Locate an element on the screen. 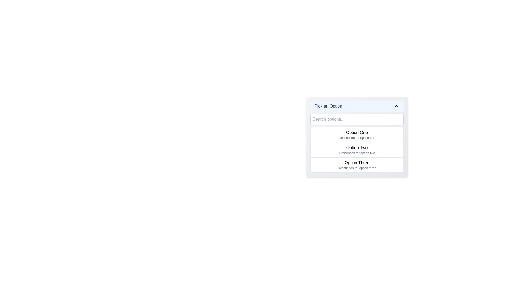 The width and height of the screenshot is (510, 287). the 'Option One' item in the drop-down list is located at coordinates (357, 134).